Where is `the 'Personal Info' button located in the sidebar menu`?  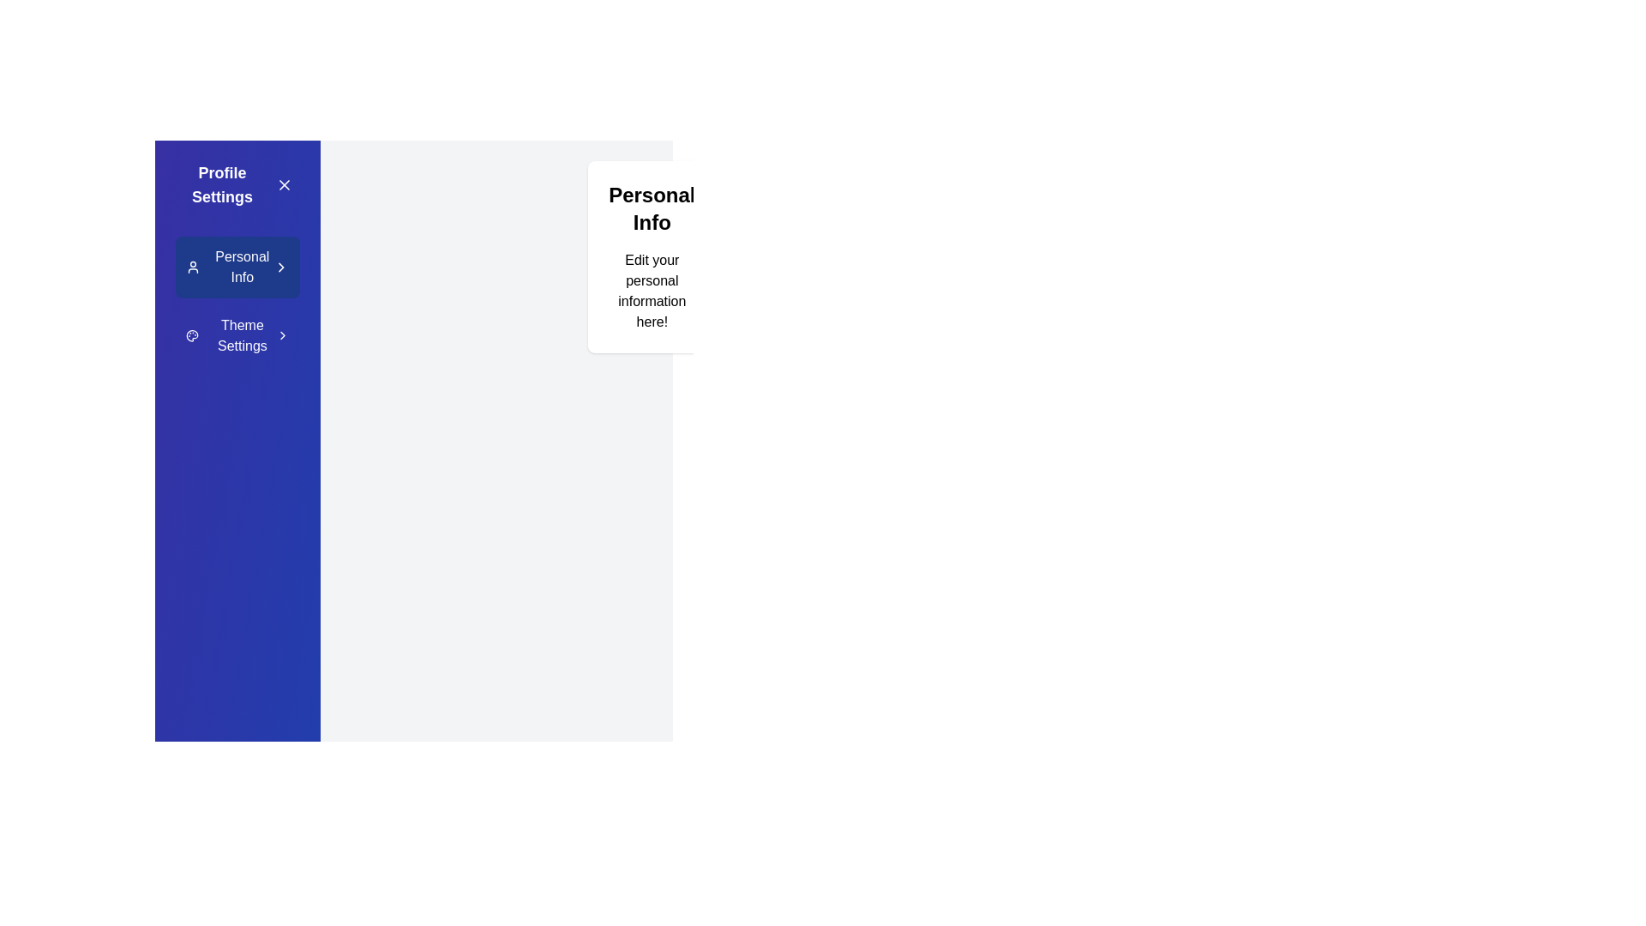
the 'Personal Info' button located in the sidebar menu is located at coordinates (237, 268).